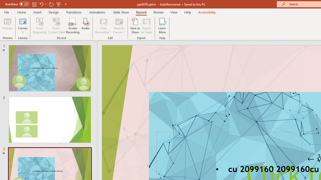 The image size is (321, 180). I want to click on 'Export to Video', so click(146, 26).